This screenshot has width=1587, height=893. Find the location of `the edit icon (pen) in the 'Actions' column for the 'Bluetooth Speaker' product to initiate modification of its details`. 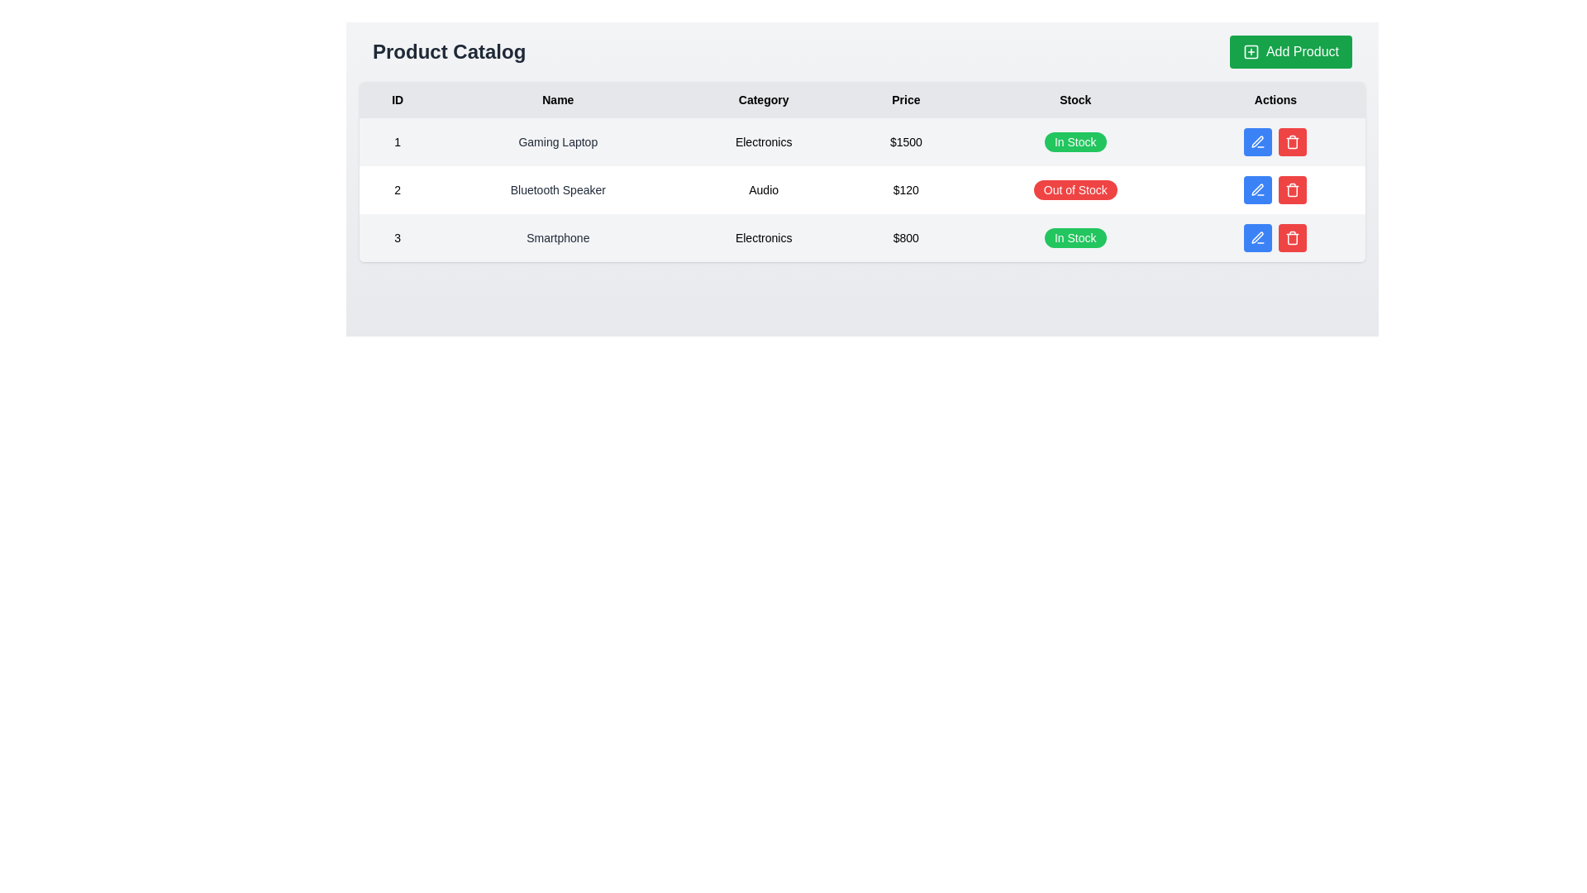

the edit icon (pen) in the 'Actions' column for the 'Bluetooth Speaker' product to initiate modification of its details is located at coordinates (1257, 189).